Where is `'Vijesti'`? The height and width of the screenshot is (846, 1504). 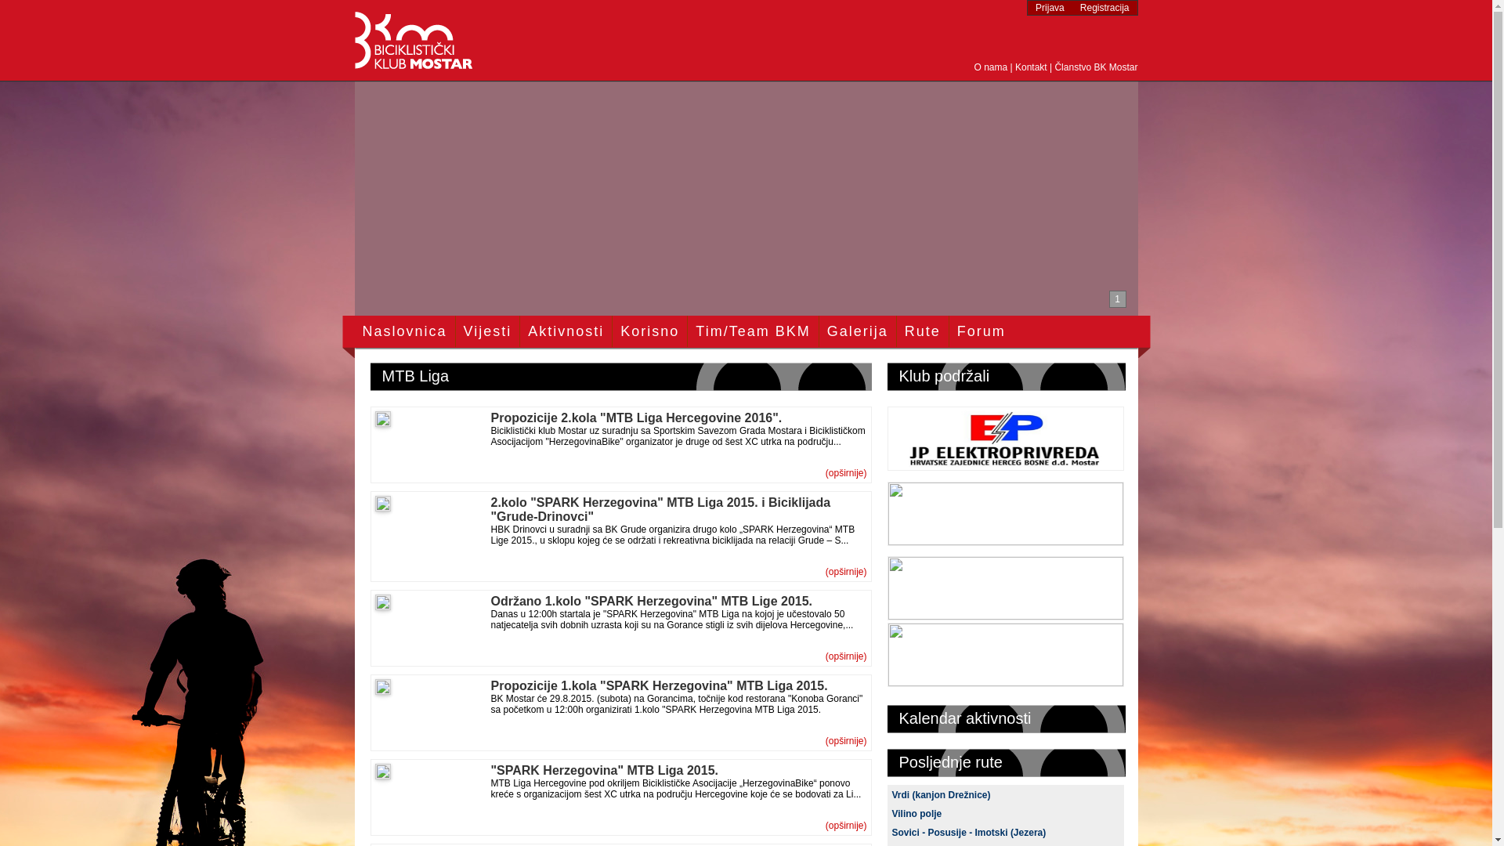
'Vijesti' is located at coordinates (487, 331).